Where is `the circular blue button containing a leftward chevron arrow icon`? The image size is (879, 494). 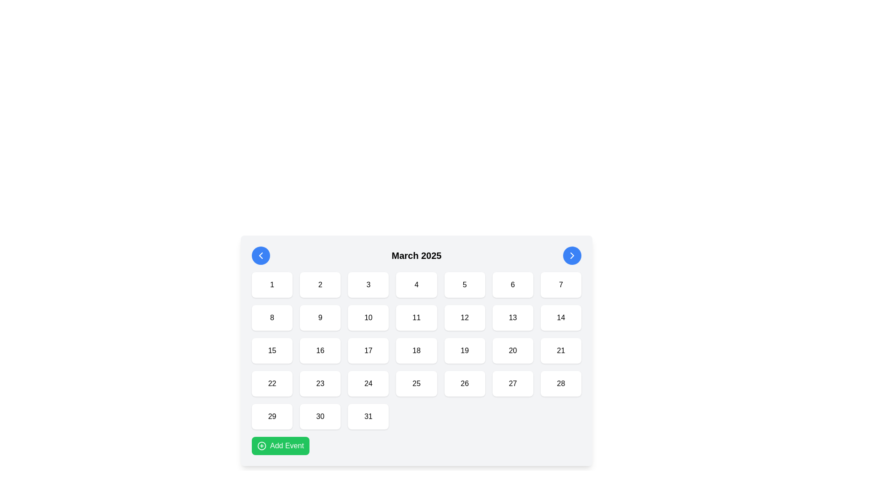 the circular blue button containing a leftward chevron arrow icon is located at coordinates (260, 256).